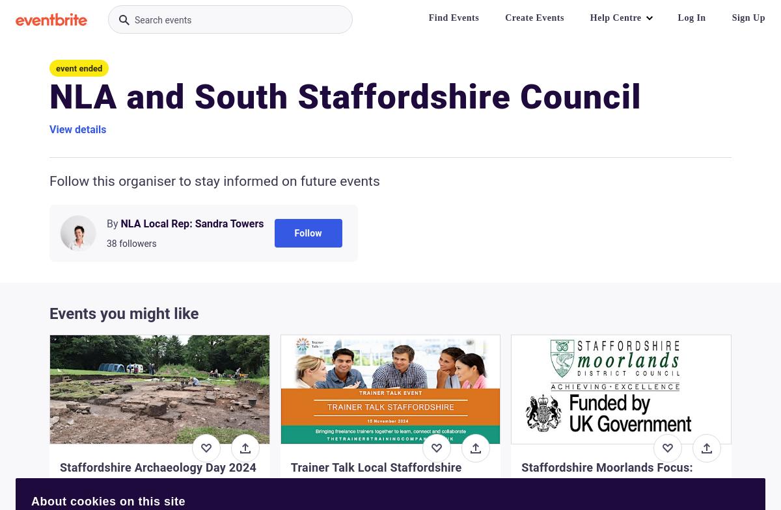  I want to click on 'Staffordshire Moorlands Focus:  Effective Bid Writing', so click(607, 475).